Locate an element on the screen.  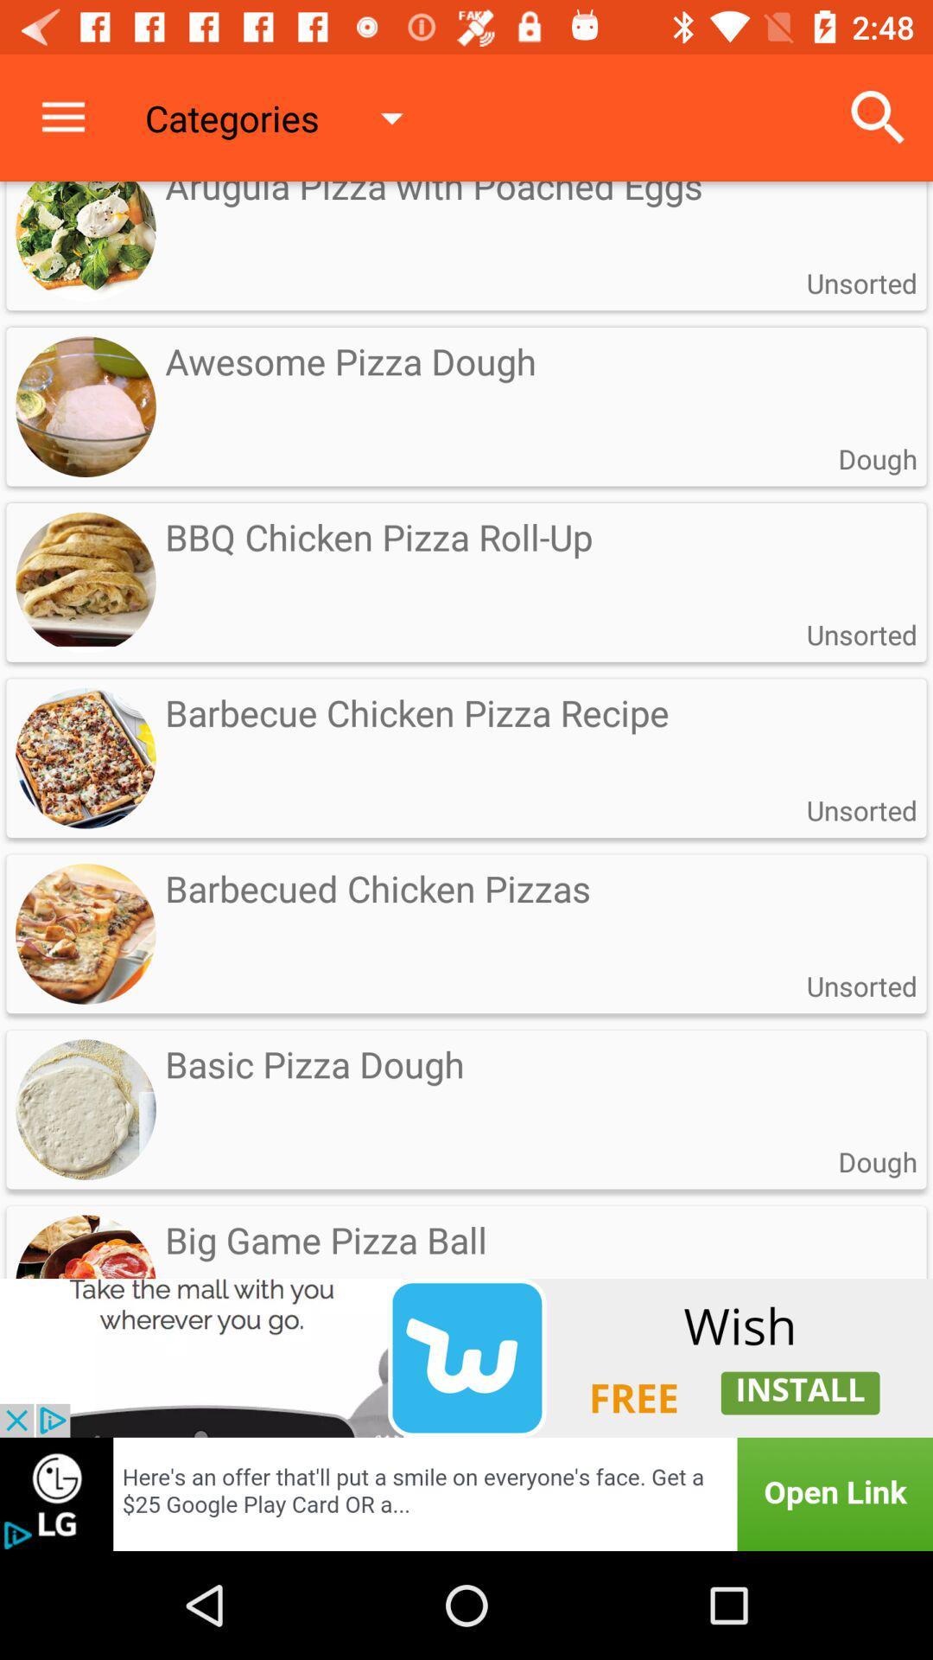
advertisement page is located at coordinates (466, 1357).